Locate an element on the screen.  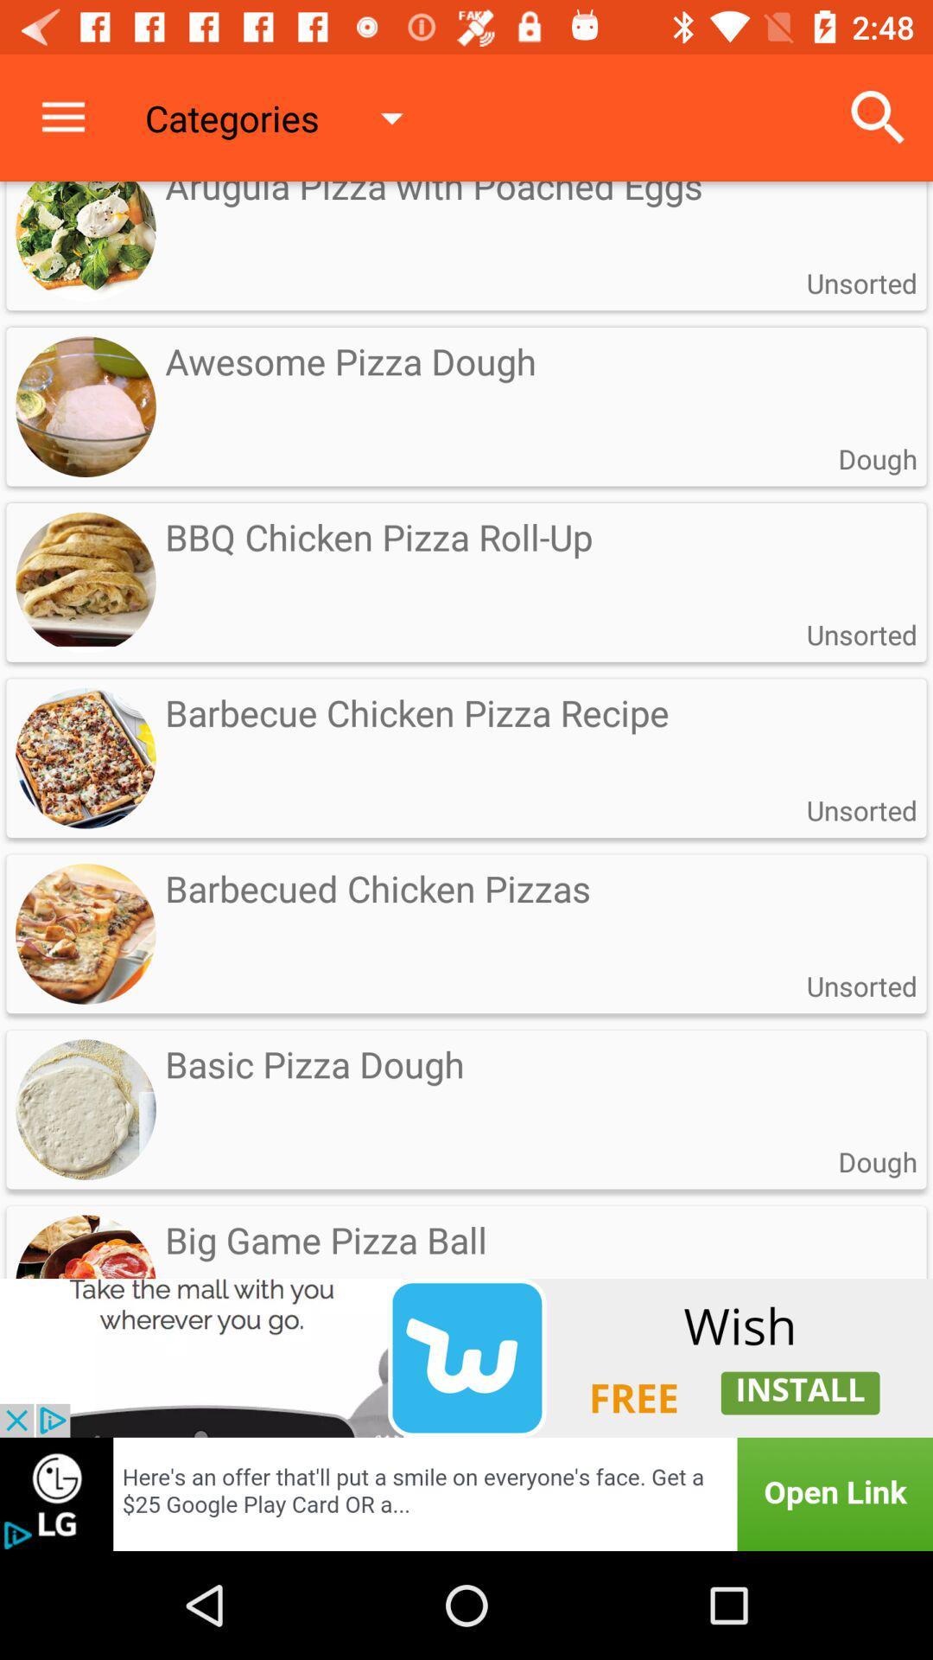
advertisement page is located at coordinates (466, 1357).